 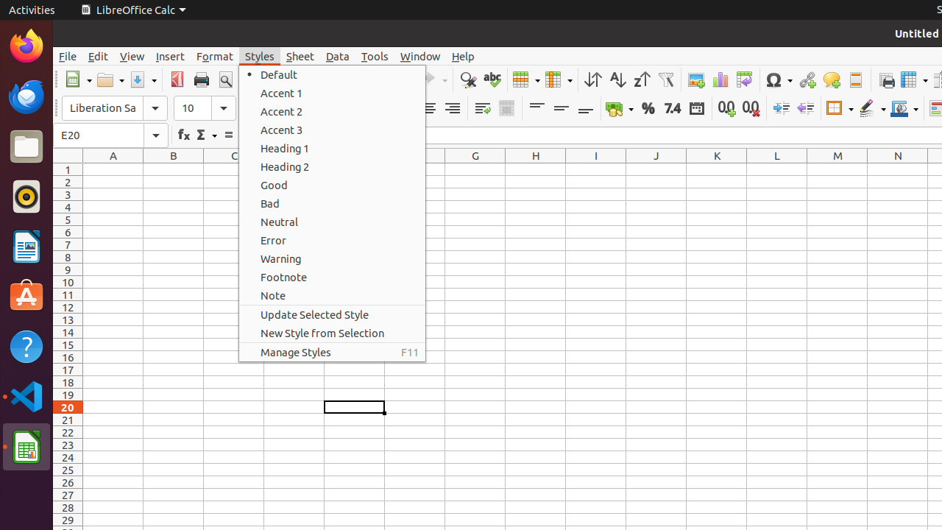 I want to click on 'PDF', so click(x=177, y=79).